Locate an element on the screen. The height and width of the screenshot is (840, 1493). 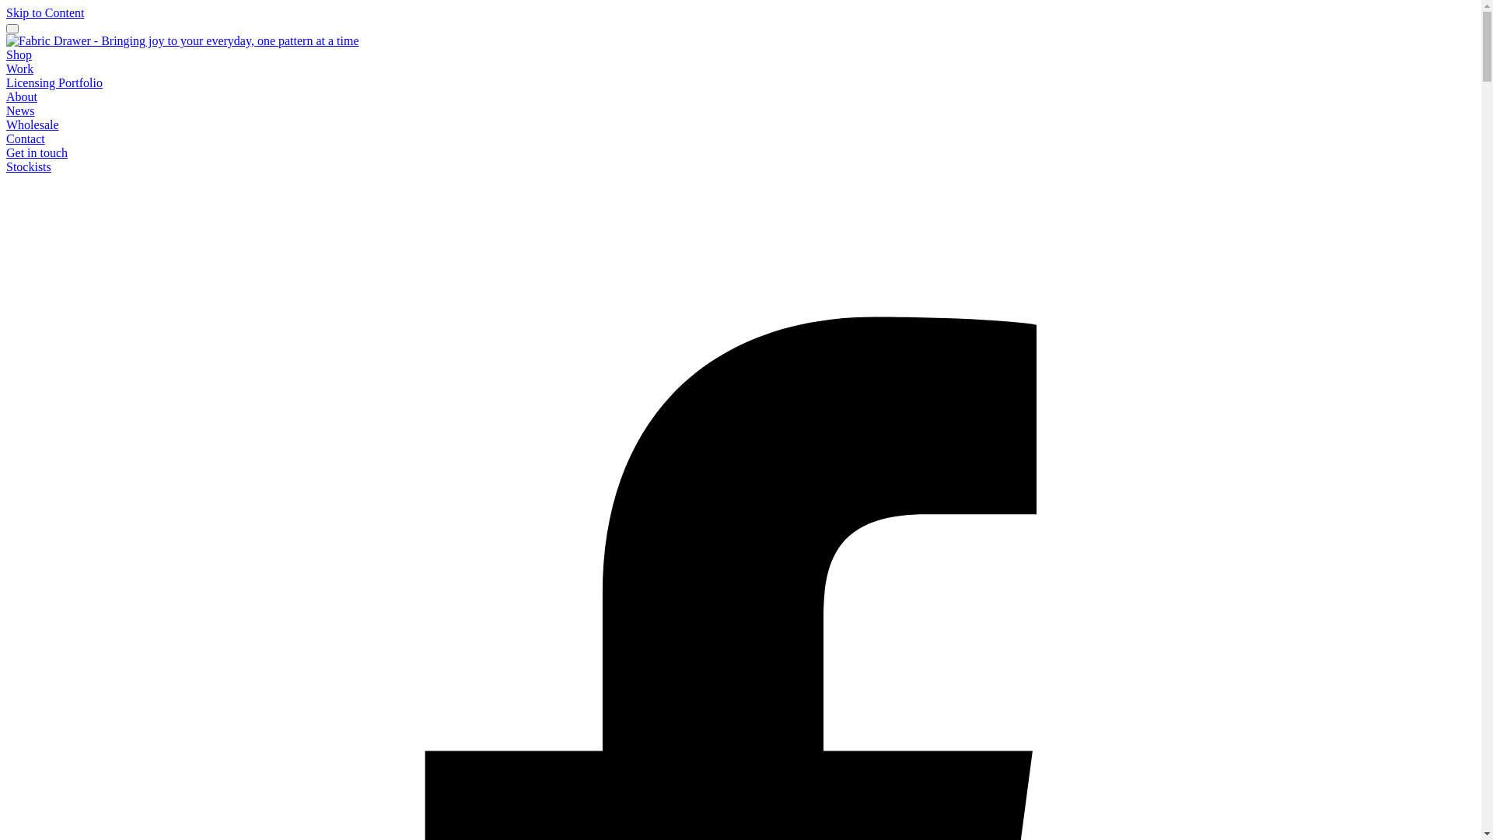
'Shop' is located at coordinates (19, 54).